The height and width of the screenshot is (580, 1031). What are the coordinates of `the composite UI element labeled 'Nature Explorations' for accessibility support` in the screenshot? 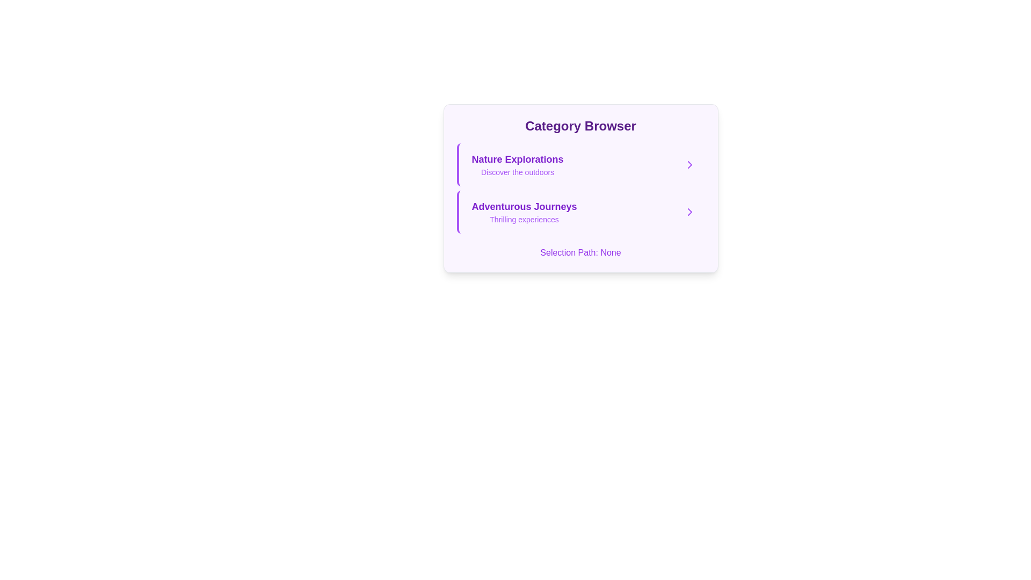 It's located at (583, 165).